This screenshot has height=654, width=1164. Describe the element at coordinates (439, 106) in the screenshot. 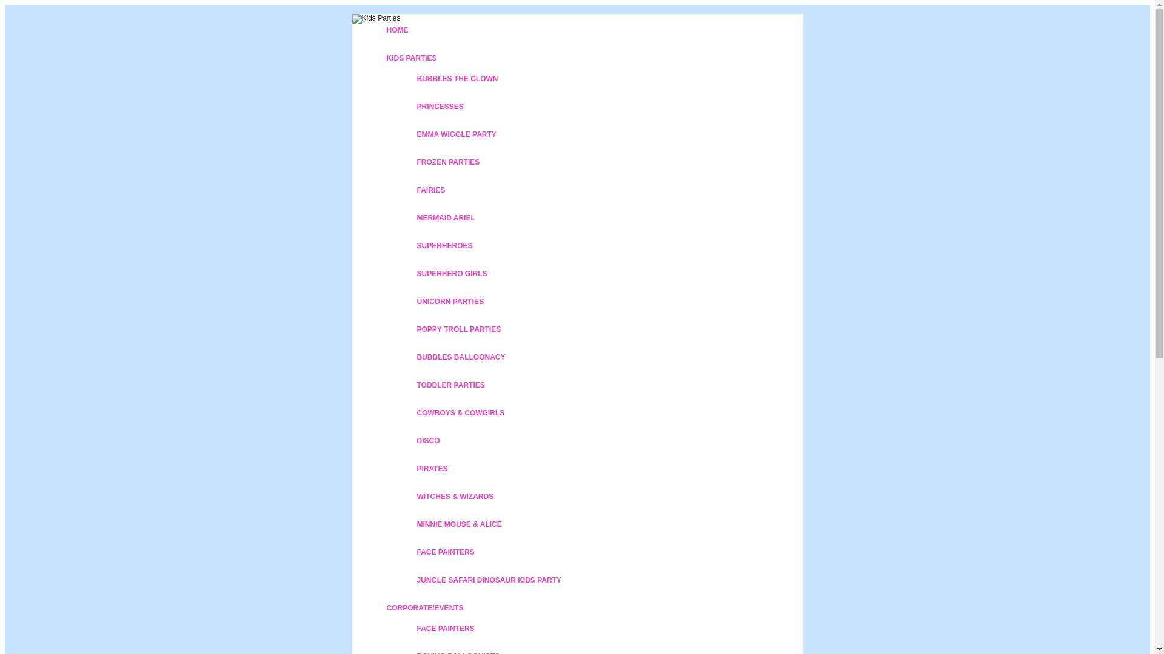

I see `'PRINCESSES'` at that location.